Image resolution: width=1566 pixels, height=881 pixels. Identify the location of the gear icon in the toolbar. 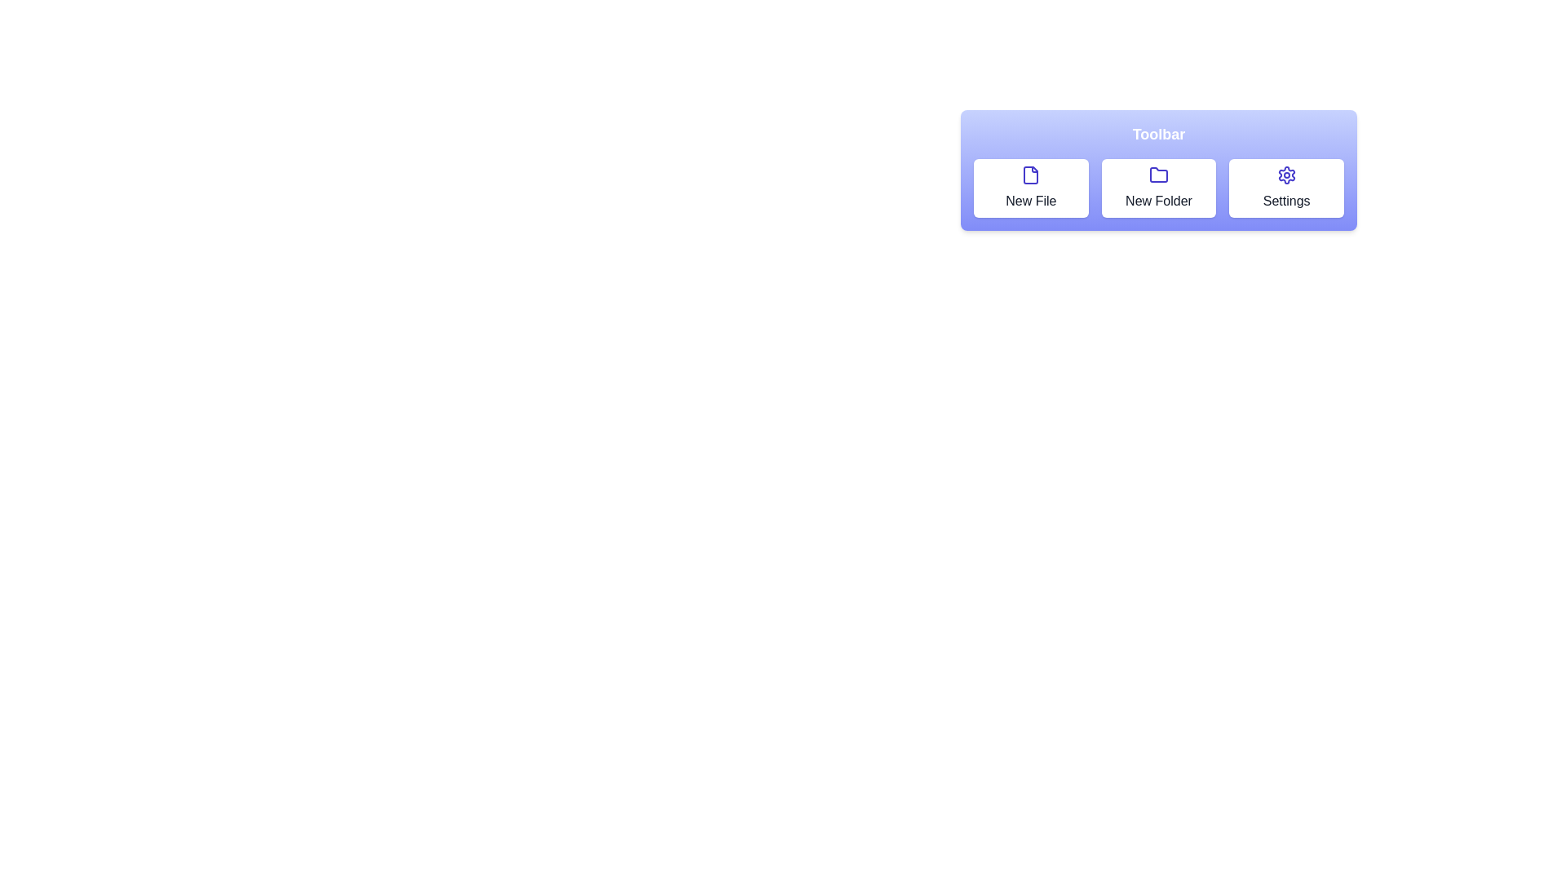
(1285, 175).